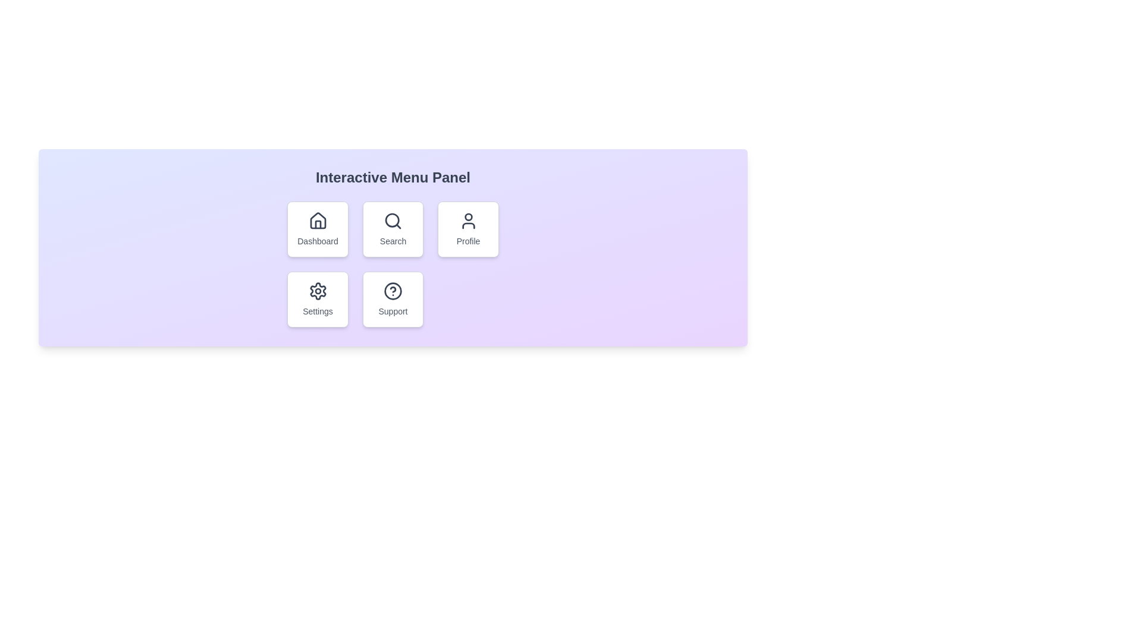 The width and height of the screenshot is (1142, 642). What do you see at coordinates (468, 221) in the screenshot?
I see `the user profile icon, which is a minimalistic gray circular head atop a semicircular chest shape, located in the top-right position of the card labeled 'Profile'` at bounding box center [468, 221].